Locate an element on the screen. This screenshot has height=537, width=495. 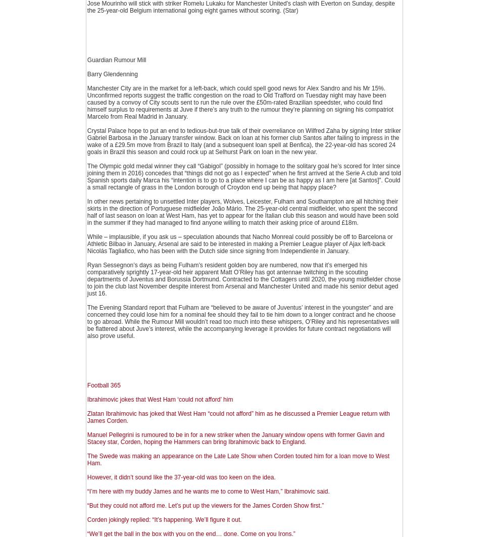
'The Olympic gold medal winner they call “Gabigol” (possibly in homage to the solitary goal he’s scored for Inter since joining them in 2016) concedes that “things did not go as I expected” when he first arrived at the Serie A club and told Spanish sports daily Marca his “intention is to go to a place where I can be as happy as I am here [at Santos]”. Could a small rectangle of grass in the London borough of Croydon end up being that happy place?' is located at coordinates (243, 177).